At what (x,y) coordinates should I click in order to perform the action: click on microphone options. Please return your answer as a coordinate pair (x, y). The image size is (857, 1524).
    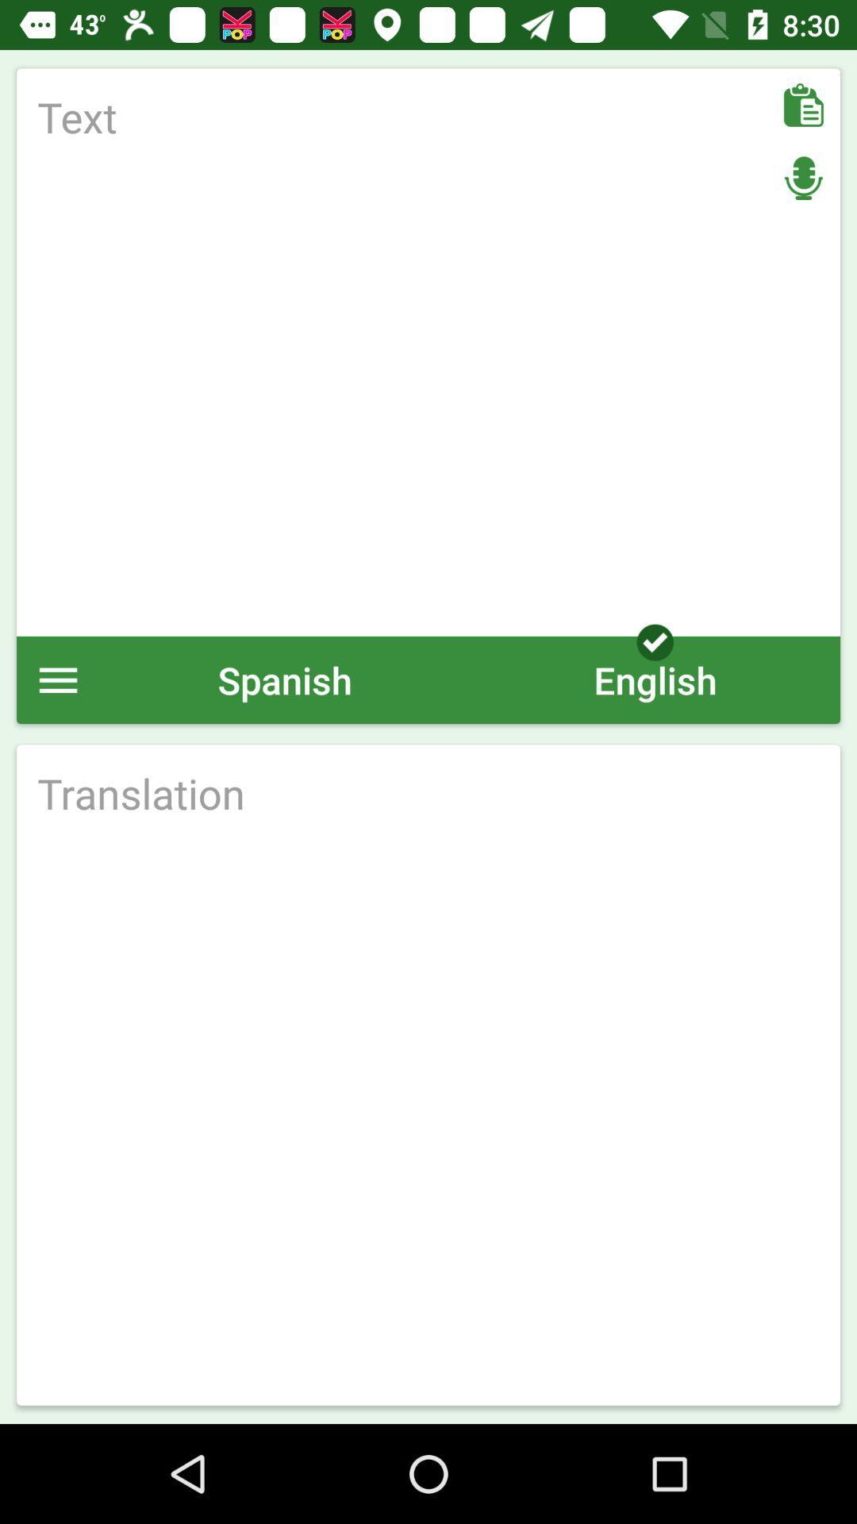
    Looking at the image, I should click on (803, 178).